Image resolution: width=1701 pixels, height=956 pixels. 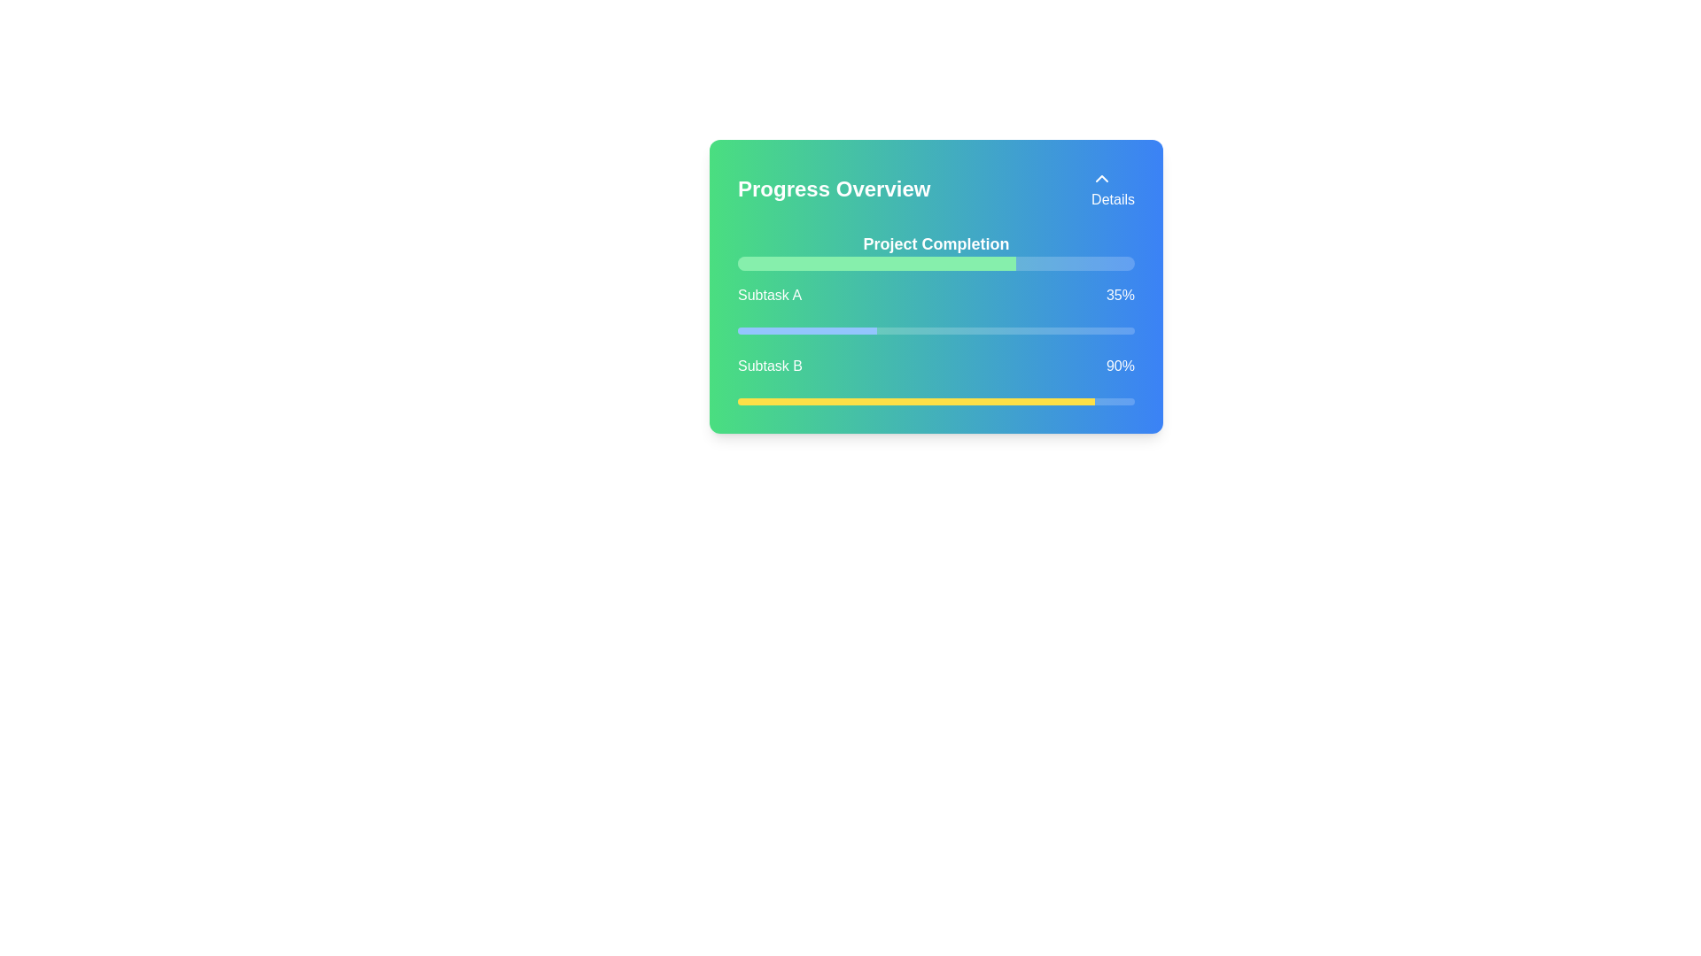 What do you see at coordinates (935, 317) in the screenshot?
I see `the percentage information displayed on the progress bar group with labels located within the 'Progress Overview' card, which is centered below the title` at bounding box center [935, 317].